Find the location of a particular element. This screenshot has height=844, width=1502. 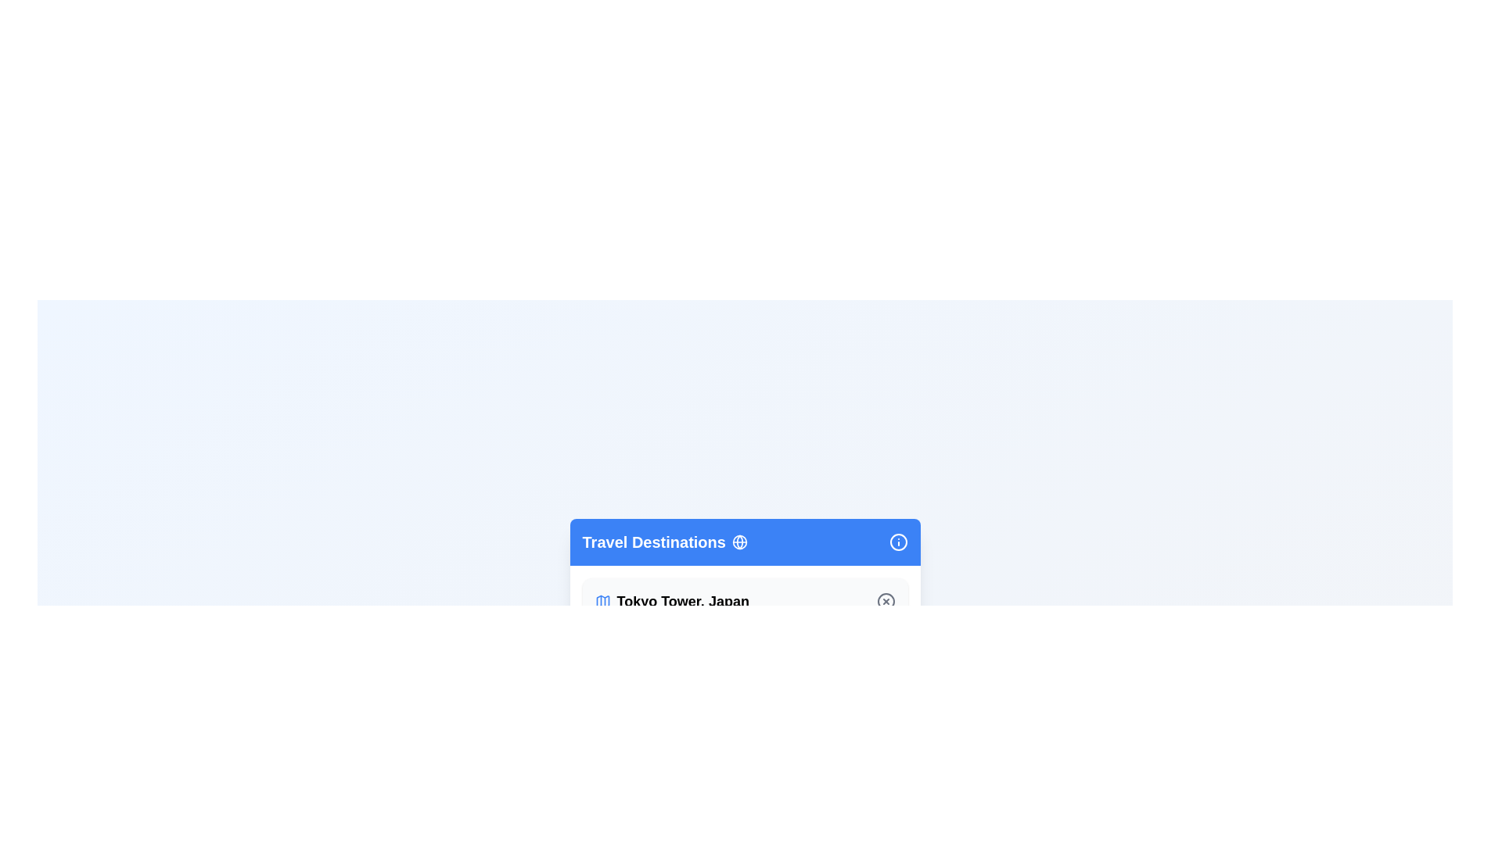

the circular visual component of the icon located in the top-right corner of the blue panel labeled 'Travel Destinations' is located at coordinates (898, 542).